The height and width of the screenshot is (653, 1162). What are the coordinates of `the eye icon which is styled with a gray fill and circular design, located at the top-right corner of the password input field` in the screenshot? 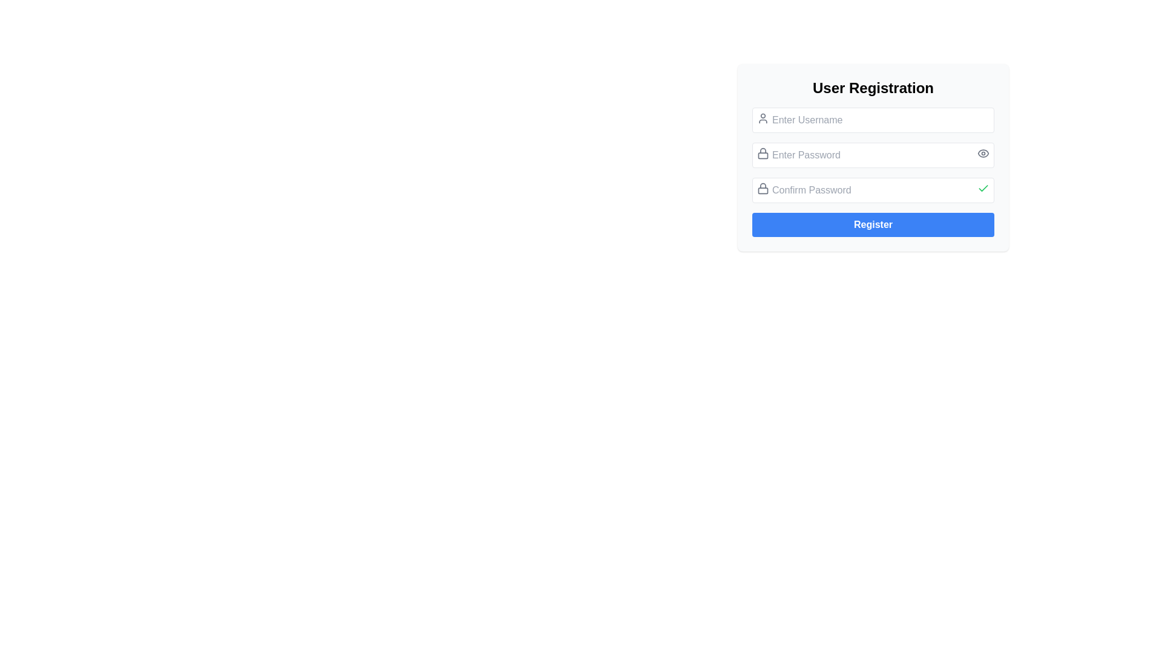 It's located at (983, 153).